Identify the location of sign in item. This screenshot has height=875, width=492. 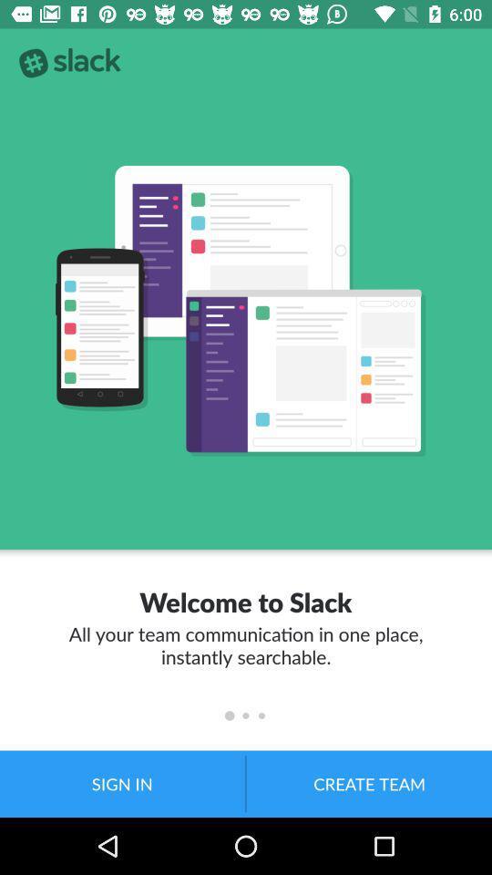
(122, 783).